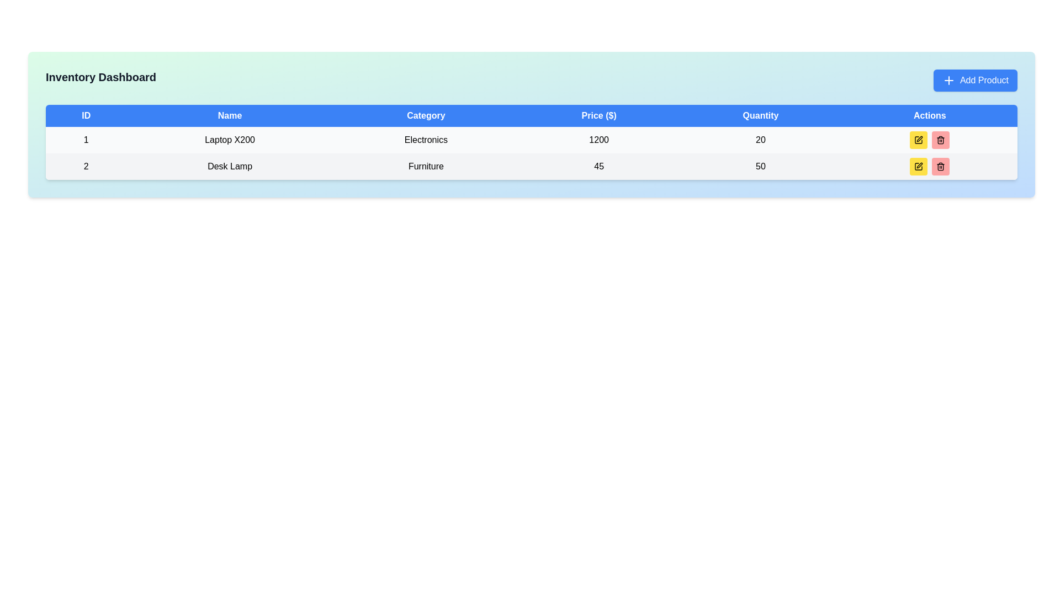  What do you see at coordinates (425, 140) in the screenshot?
I see `the 'Electronics' text label in the third column of the first data row in the table` at bounding box center [425, 140].